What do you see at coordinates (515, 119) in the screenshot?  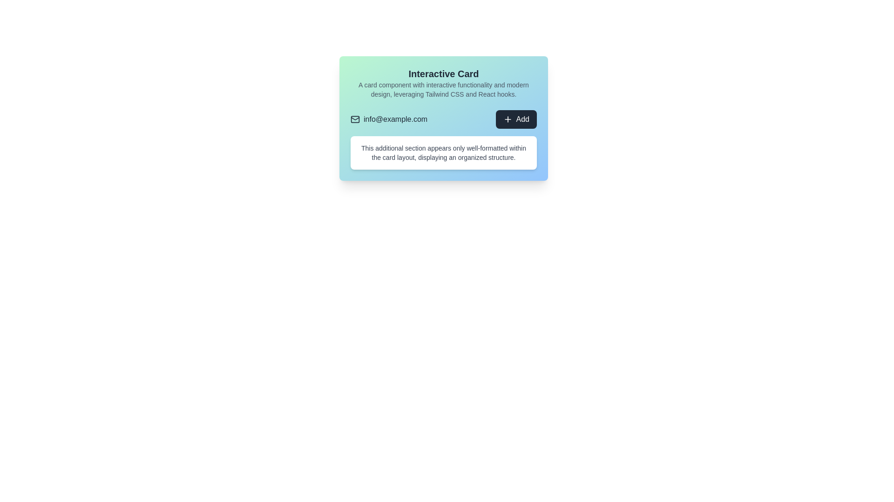 I see `the 'Add' button with a dark gray background and white text, located at the top-right area of the card layout` at bounding box center [515, 119].